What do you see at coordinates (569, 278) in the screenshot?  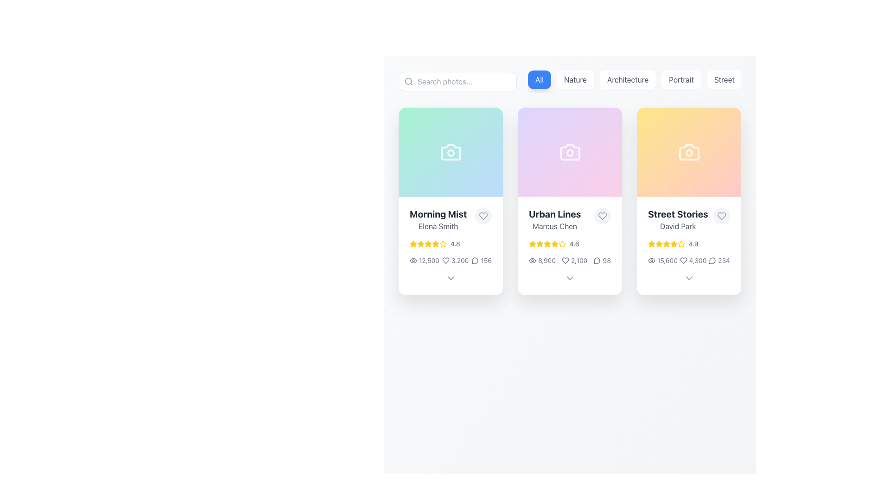 I see `the collapsible button-like icon resembling a chevron or down-arrow indicator located at the bottom center of the 'Urban Lines' card titled 'Marcus Chen'` at bounding box center [569, 278].